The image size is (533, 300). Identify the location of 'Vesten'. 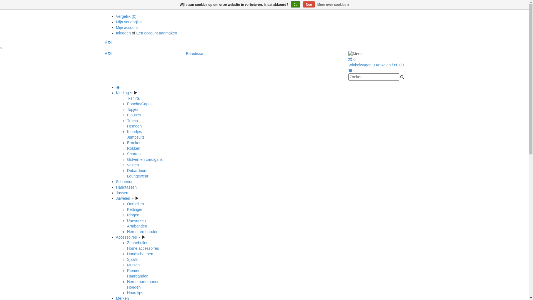
(133, 165).